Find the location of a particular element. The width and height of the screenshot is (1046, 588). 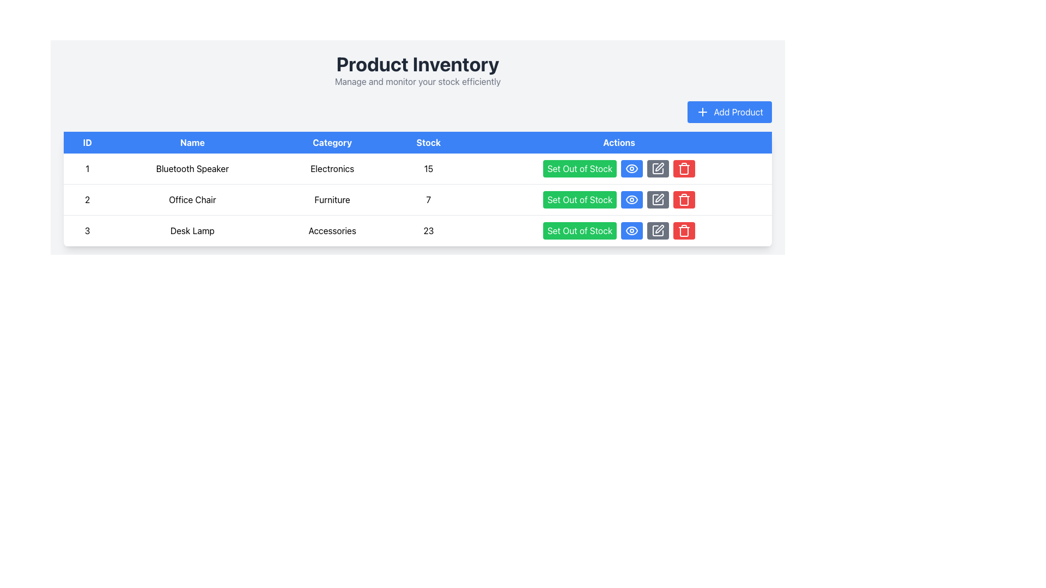

the Text Label indicating the category of the product in the third row under the 'Category' column, positioned between 'Desk Lamp' and '23' is located at coordinates (332, 230).